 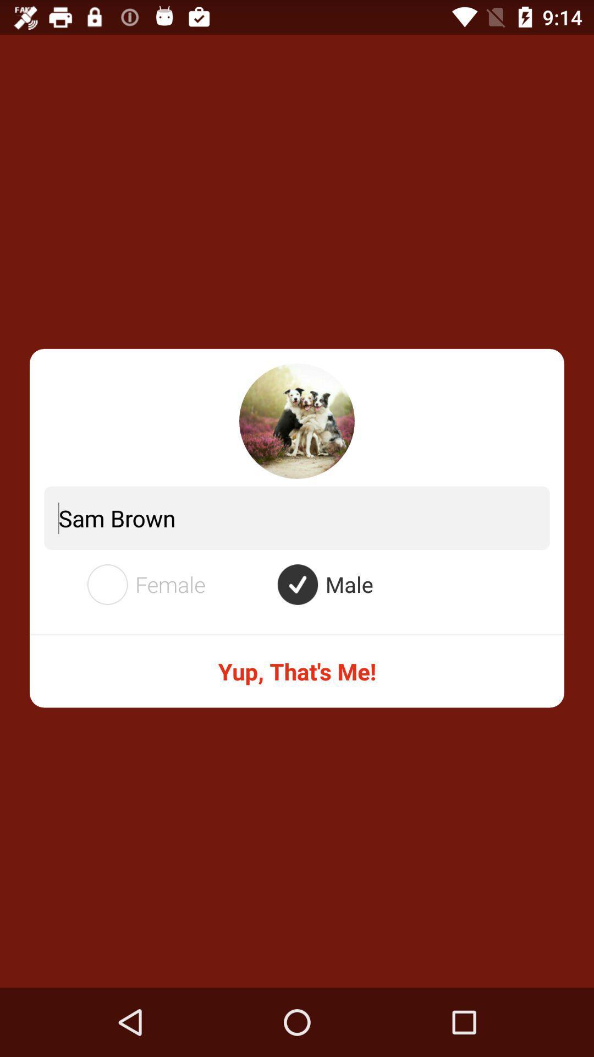 What do you see at coordinates (297, 420) in the screenshot?
I see `change profile picture` at bounding box center [297, 420].